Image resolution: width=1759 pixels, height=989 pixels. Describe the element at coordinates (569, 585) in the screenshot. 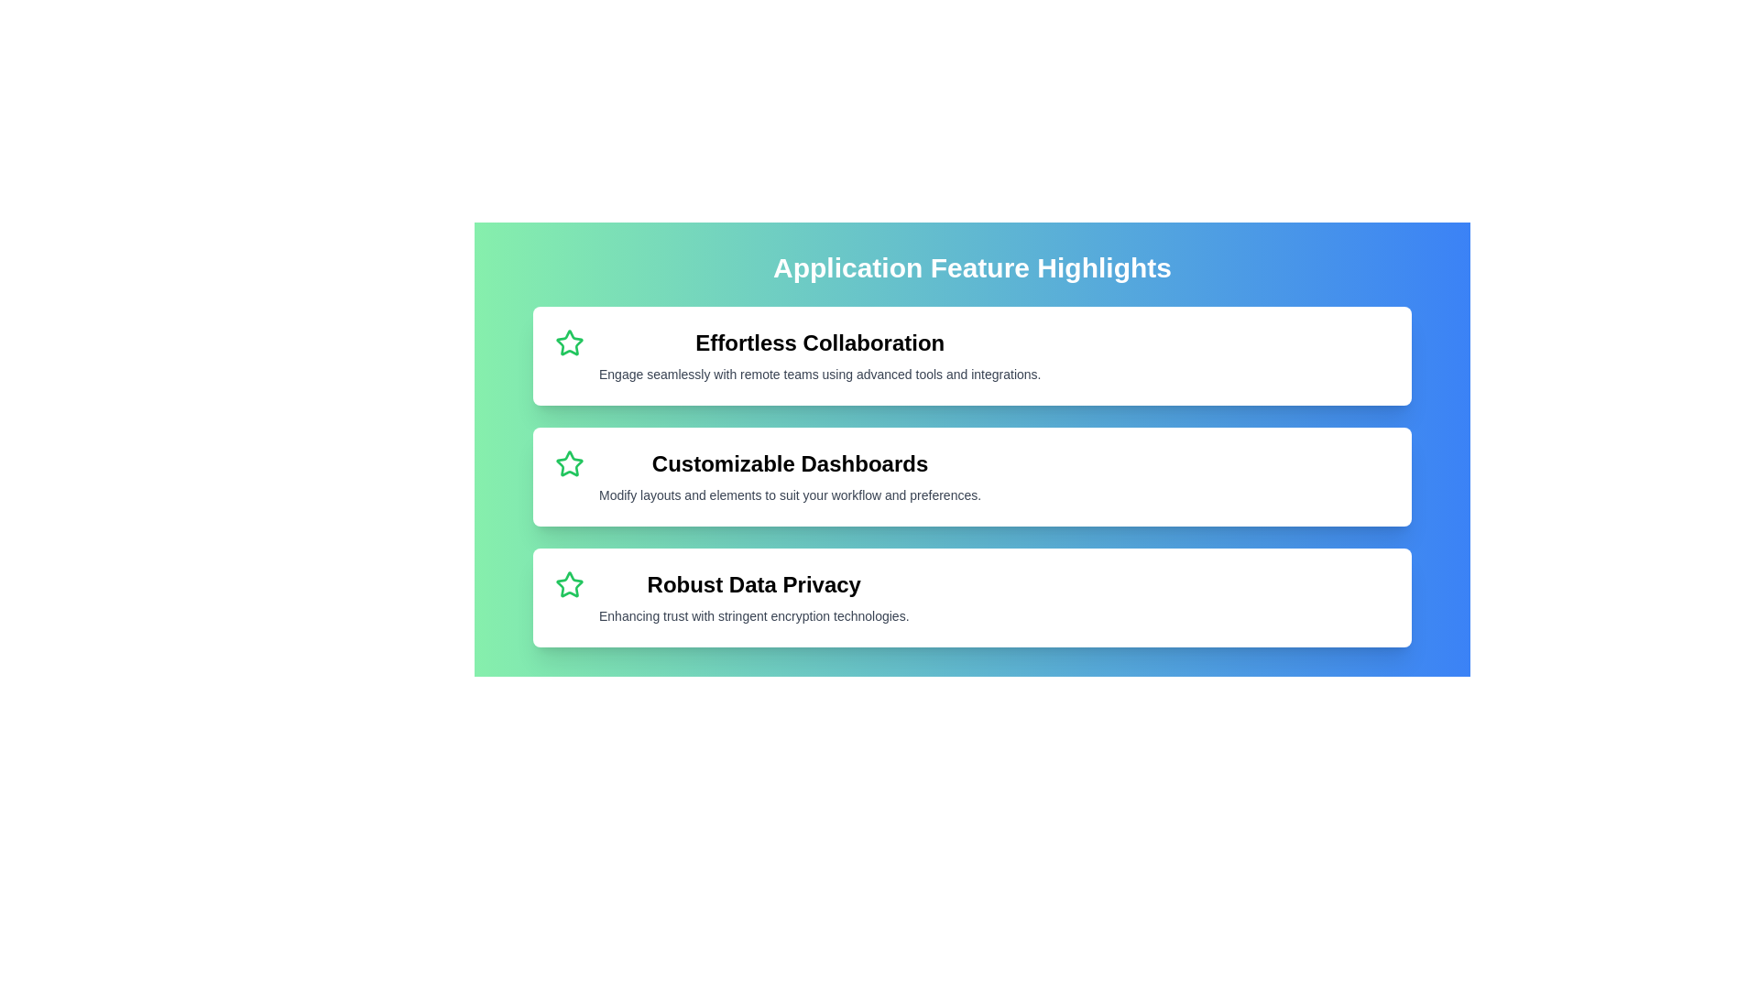

I see `the data privacy icon located at the top-left corner of the 'Robust Data Privacy' card to interact with the card` at that location.